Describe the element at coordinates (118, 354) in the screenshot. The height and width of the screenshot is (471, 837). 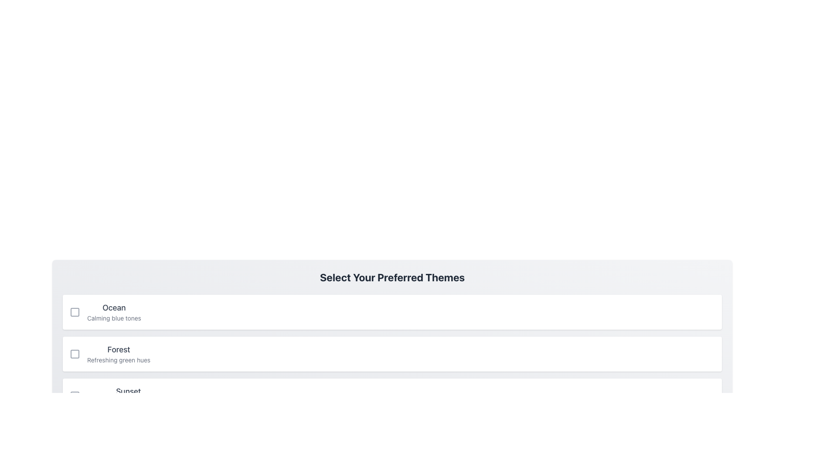
I see `the Label text 'Forest' and its subtitle 'Refreshing green hues' to potentially display additional information` at that location.